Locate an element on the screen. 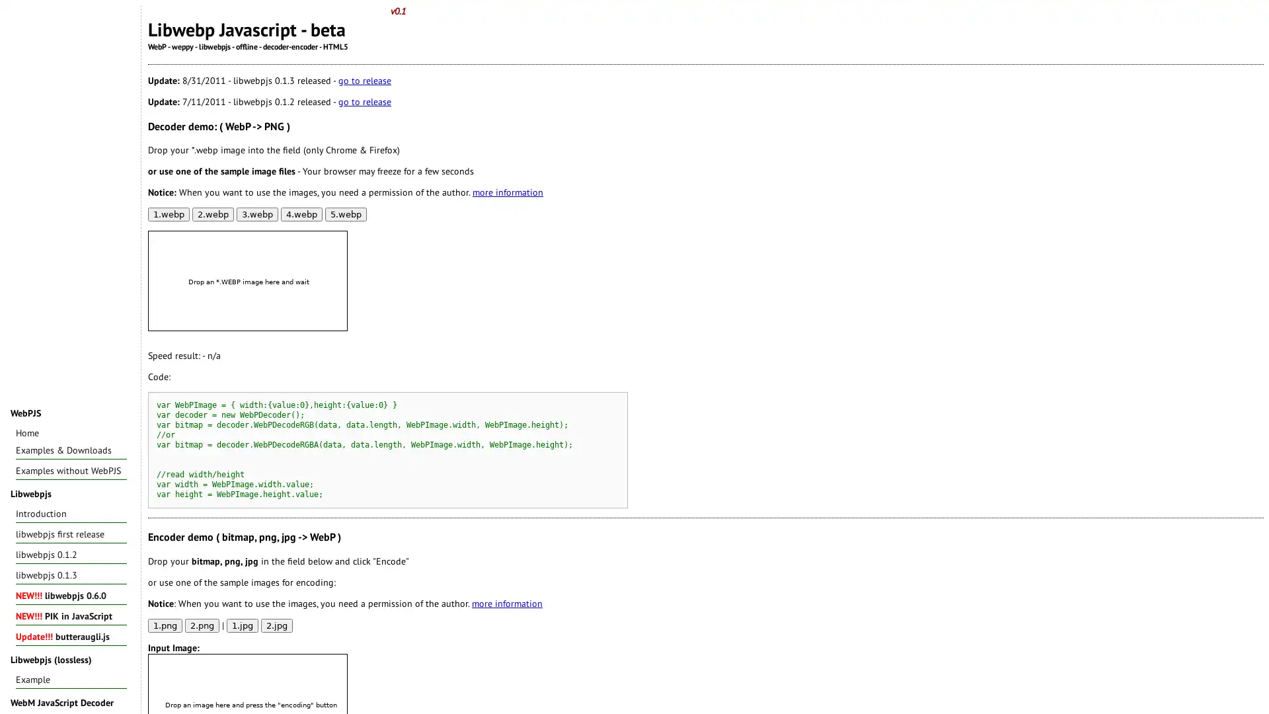  1.jpg is located at coordinates (242, 625).